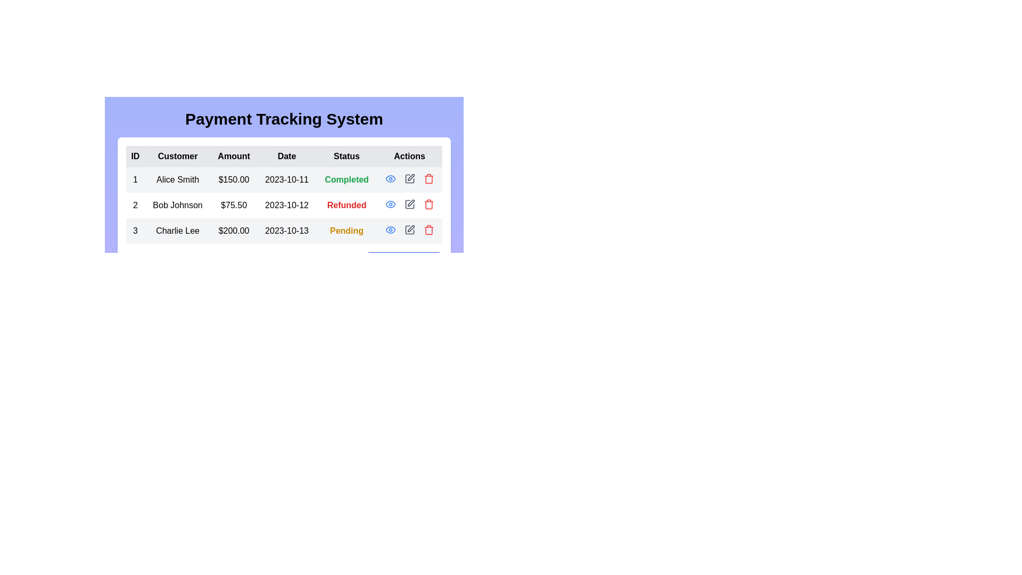  I want to click on text of the prominent heading 'Payment Tracking System' located at the top-center of the interface, above the payment records table, so click(284, 119).